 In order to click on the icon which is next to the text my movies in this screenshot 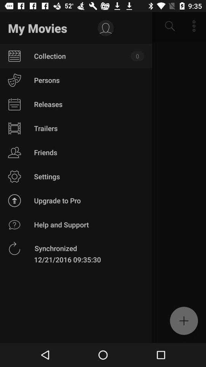, I will do `click(105, 28)`.